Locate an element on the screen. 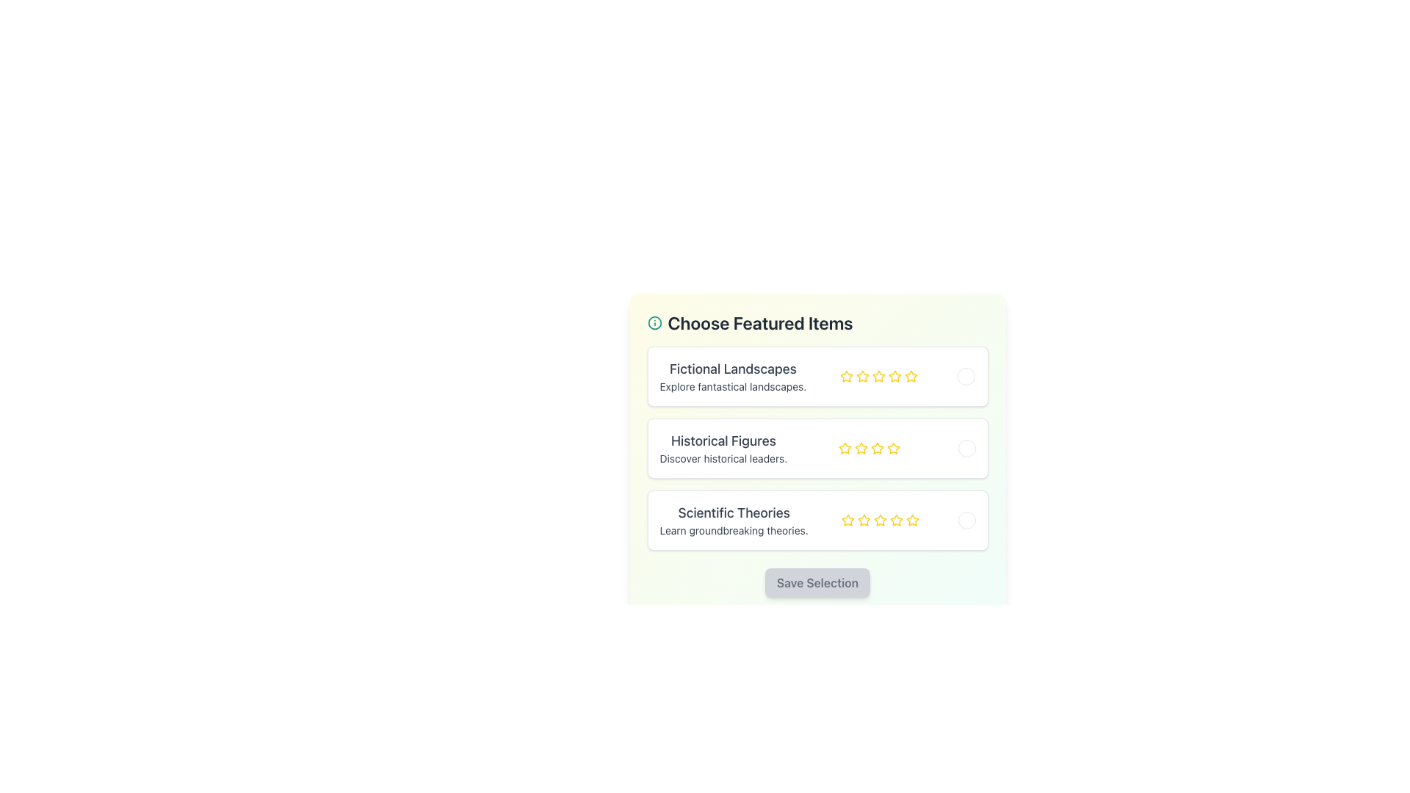  the first star icon in the 'Historical Figures' section of the 'Choose Featured Items' list, which represents the rating level in the rating system is located at coordinates (845, 447).